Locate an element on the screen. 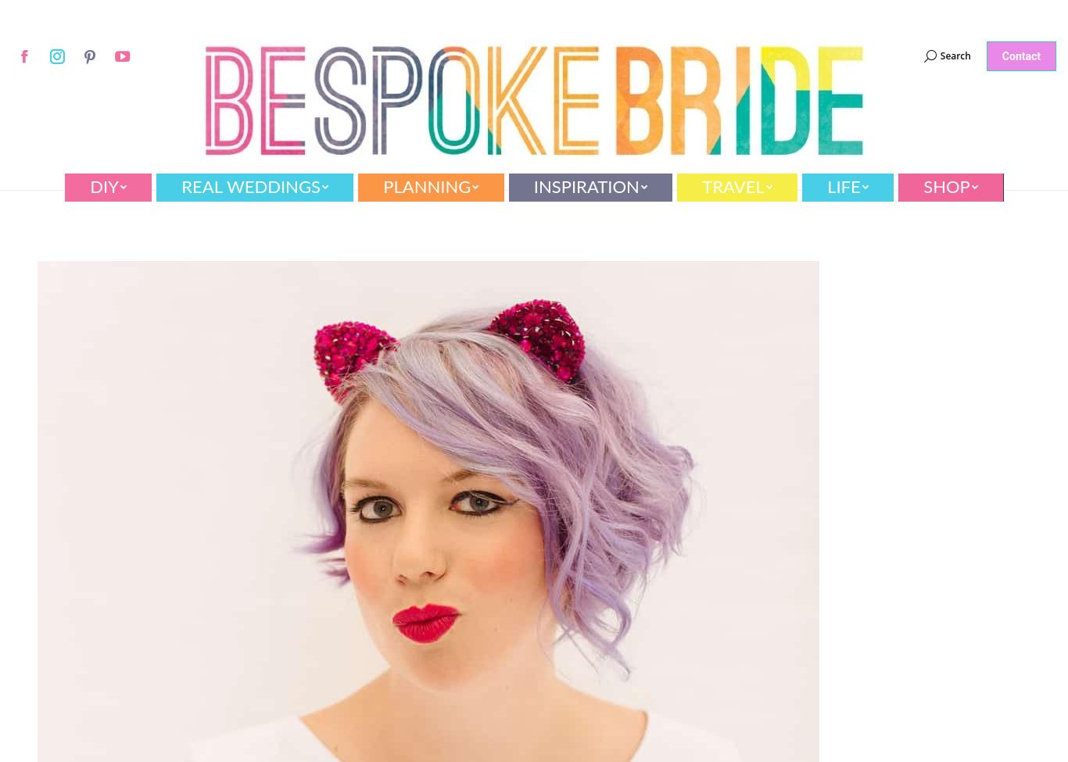  'City' is located at coordinates (182, 301).